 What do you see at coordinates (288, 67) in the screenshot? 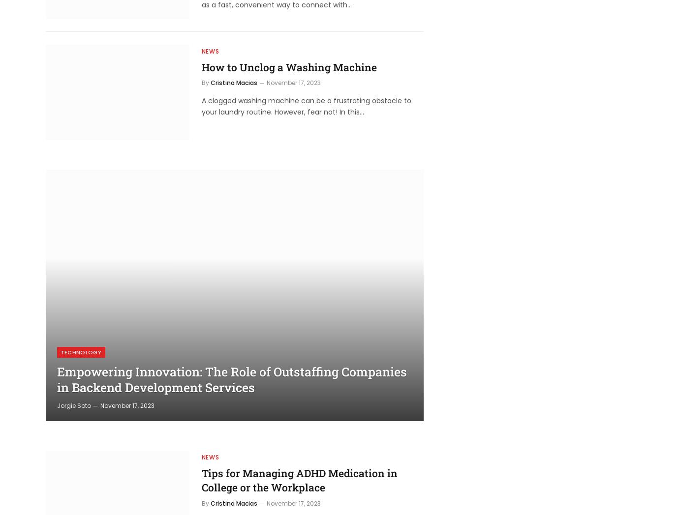
I see `'How to Unclog a Washing Machine'` at bounding box center [288, 67].